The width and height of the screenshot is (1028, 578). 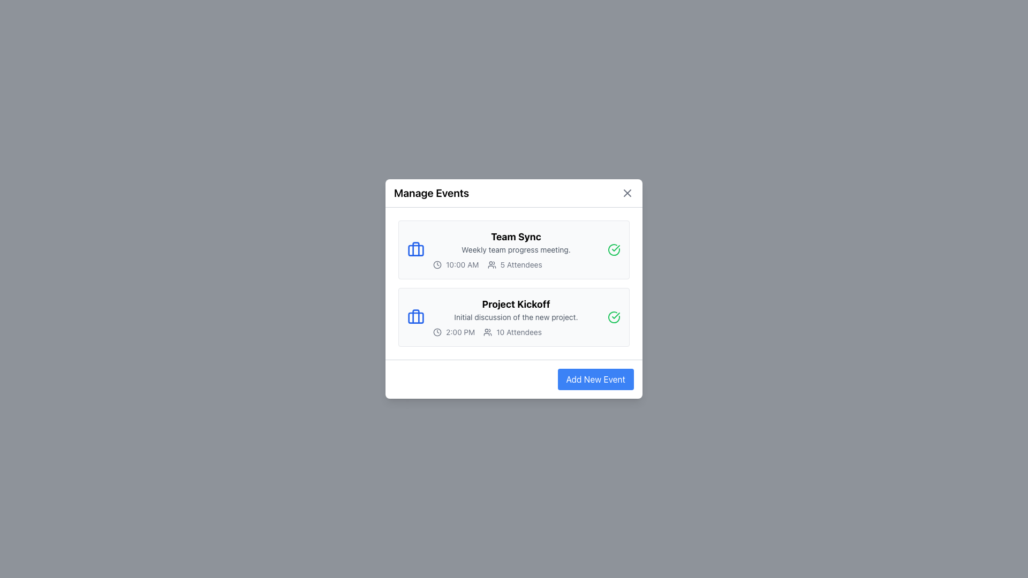 I want to click on the close button icon located at the top-right corner of the 'Manage Events' modal dialog, so click(x=627, y=193).